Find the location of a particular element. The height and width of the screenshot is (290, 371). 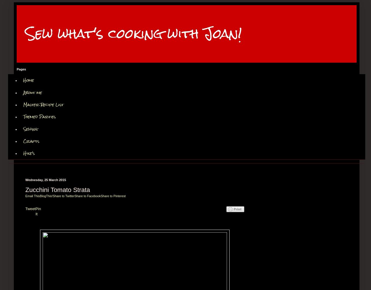

'Share to Twitter' is located at coordinates (63, 196).